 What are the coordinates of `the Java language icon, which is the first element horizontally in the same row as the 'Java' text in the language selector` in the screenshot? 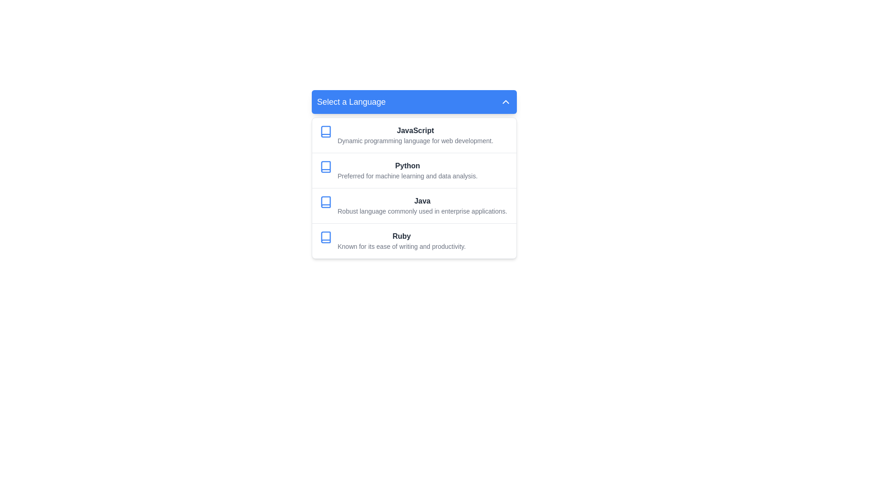 It's located at (326, 202).